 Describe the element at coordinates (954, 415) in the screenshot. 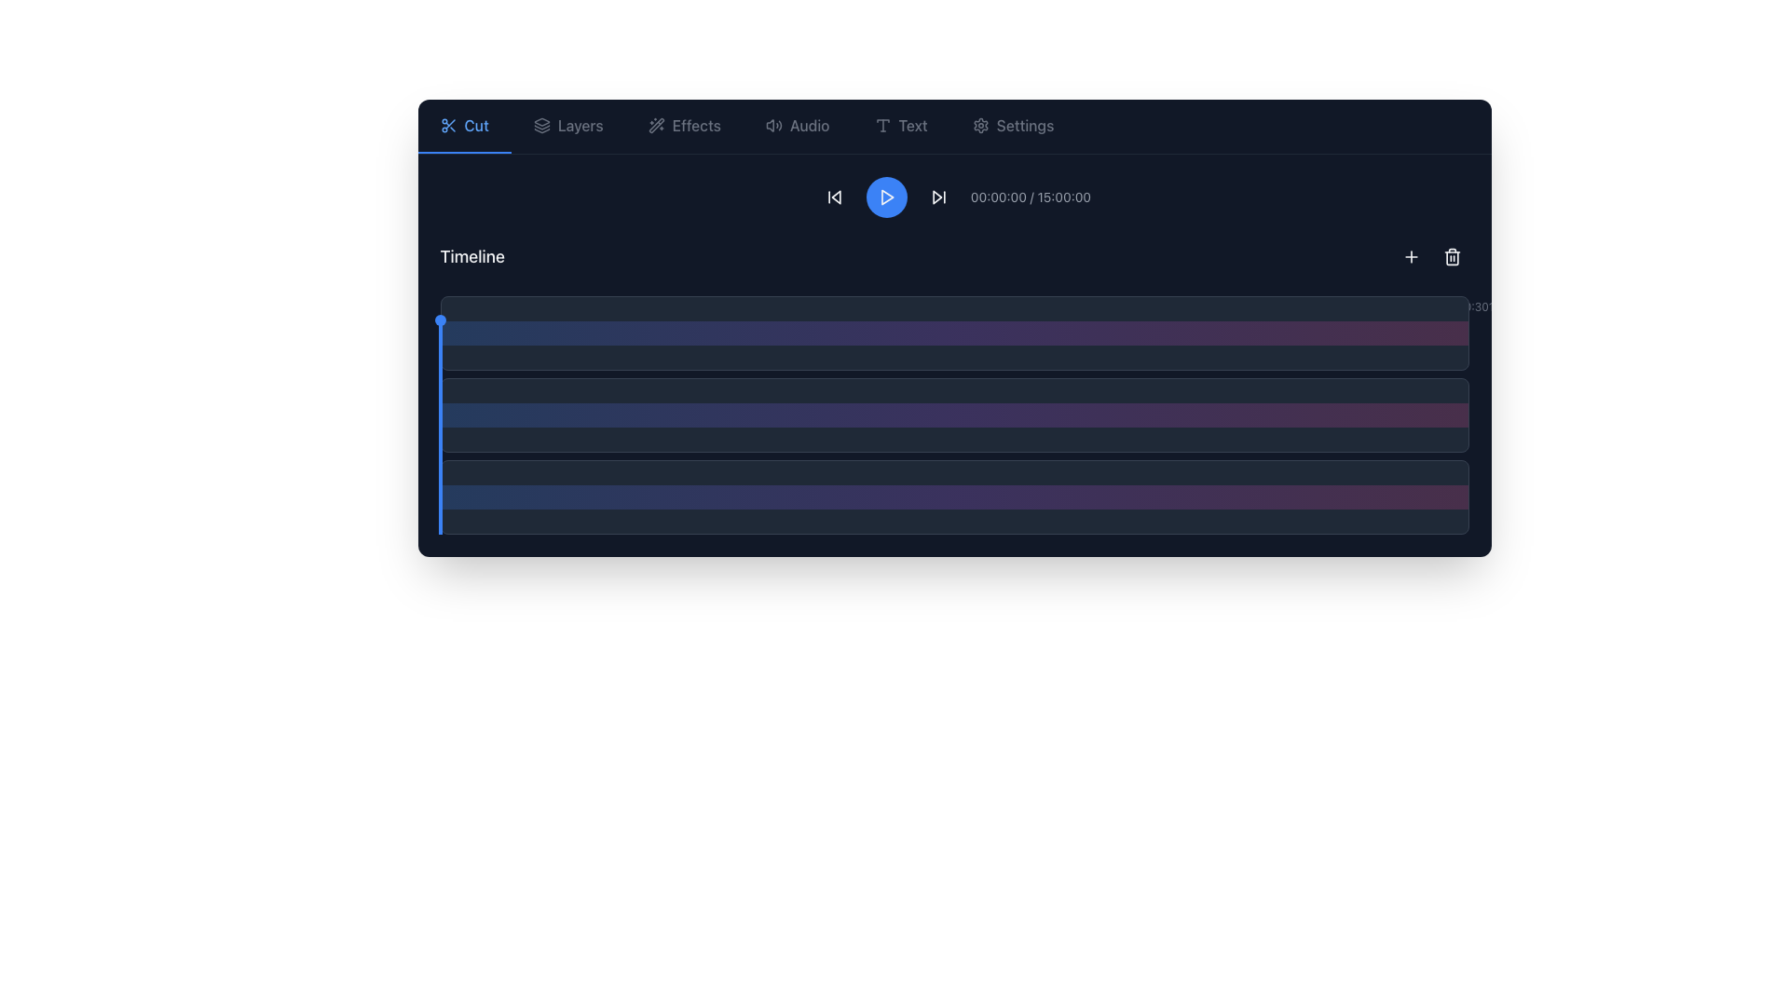

I see `the progress bar with a gradient background transitioning from blue to pink, which is the second bar in a vertical stack of three bars` at that location.